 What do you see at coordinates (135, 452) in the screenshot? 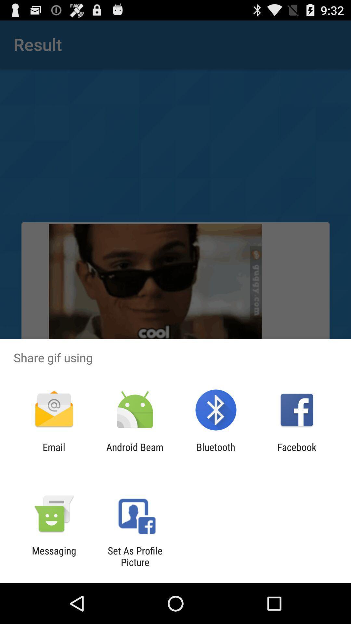
I see `item to the left of the bluetooth app` at bounding box center [135, 452].